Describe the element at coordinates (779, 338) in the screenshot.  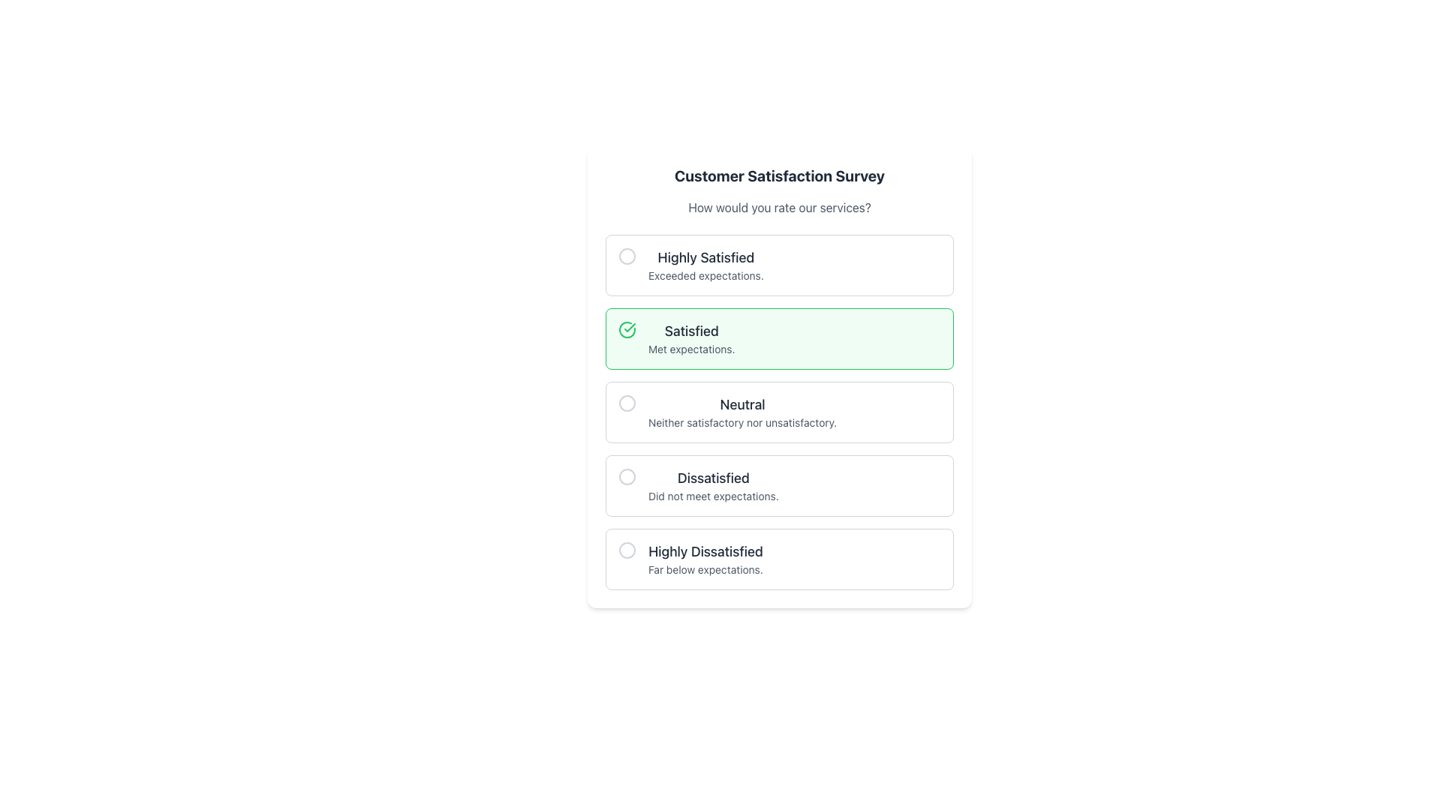
I see `the 'Satisfied' choice in the customer satisfaction survey, which is the second option in a vertical list of five options` at that location.